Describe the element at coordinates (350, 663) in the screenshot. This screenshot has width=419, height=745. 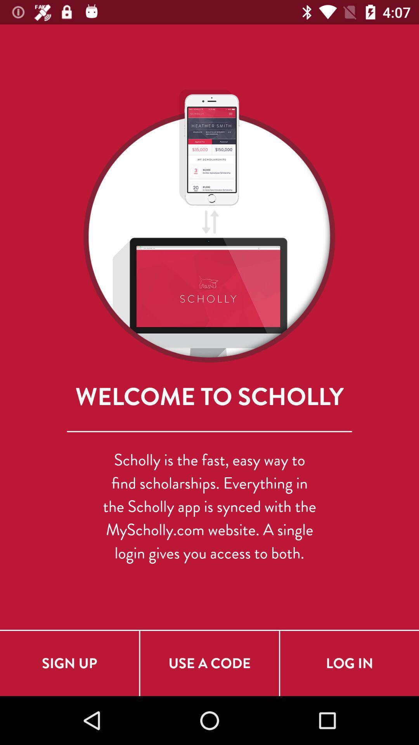
I see `log in` at that location.